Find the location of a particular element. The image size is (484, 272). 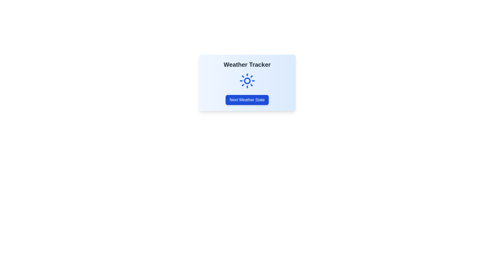

the decorative circular graphic representing the sun, located centrally under the 'Weather Tracker' header and above the 'Next Weather State' button is located at coordinates (247, 80).